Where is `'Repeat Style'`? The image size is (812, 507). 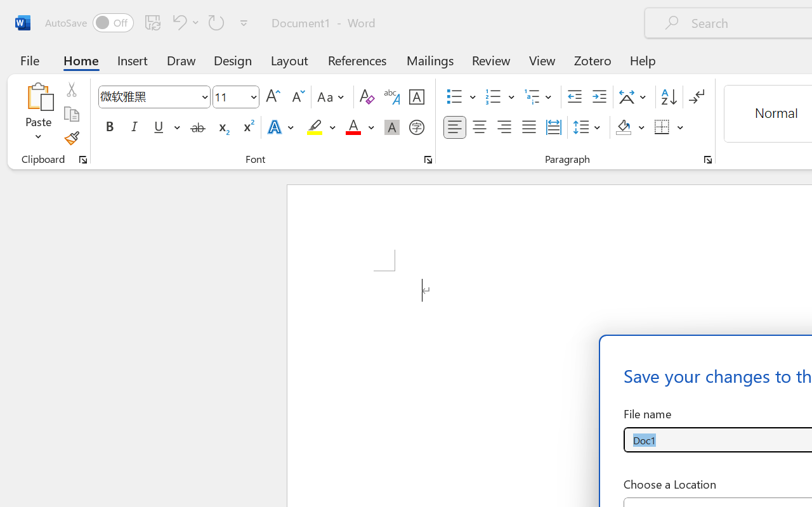 'Repeat Style' is located at coordinates (216, 22).